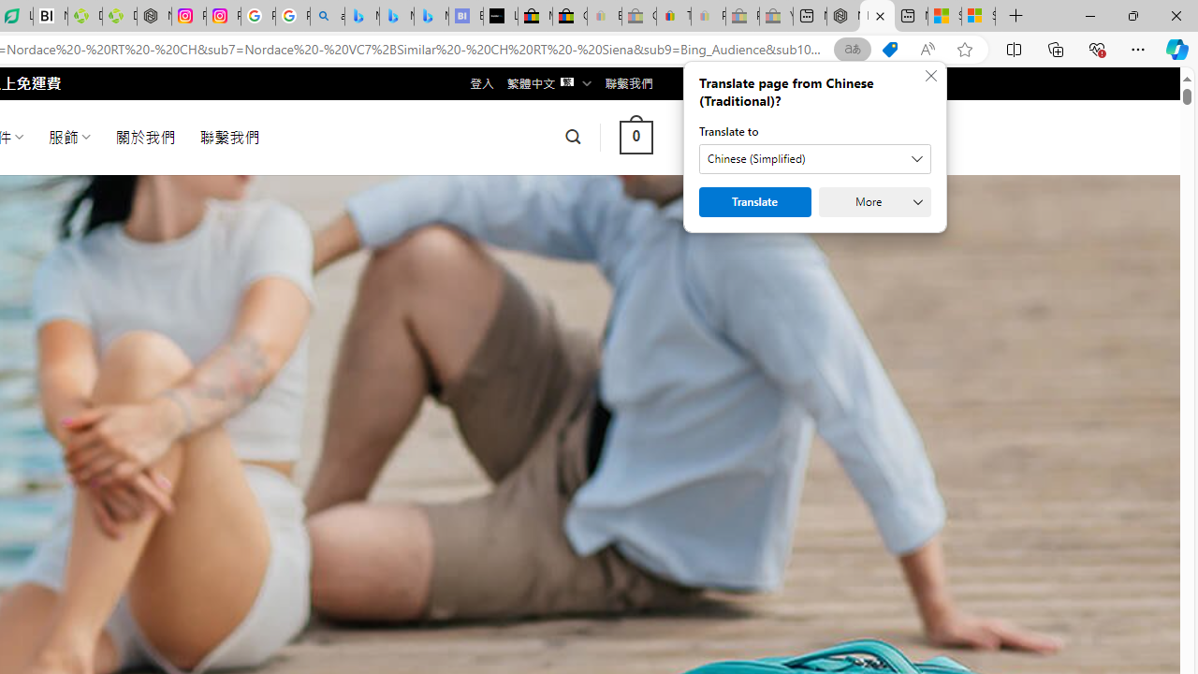  What do you see at coordinates (815, 157) in the screenshot?
I see `'Translate to'` at bounding box center [815, 157].